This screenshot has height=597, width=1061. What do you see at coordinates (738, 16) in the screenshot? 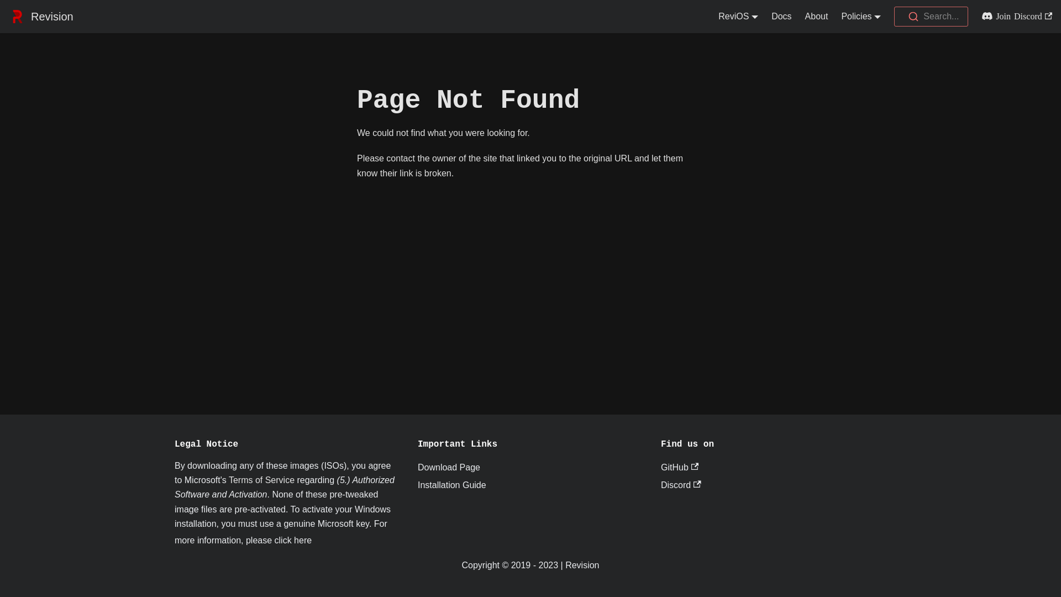
I see `'ReviOS'` at bounding box center [738, 16].